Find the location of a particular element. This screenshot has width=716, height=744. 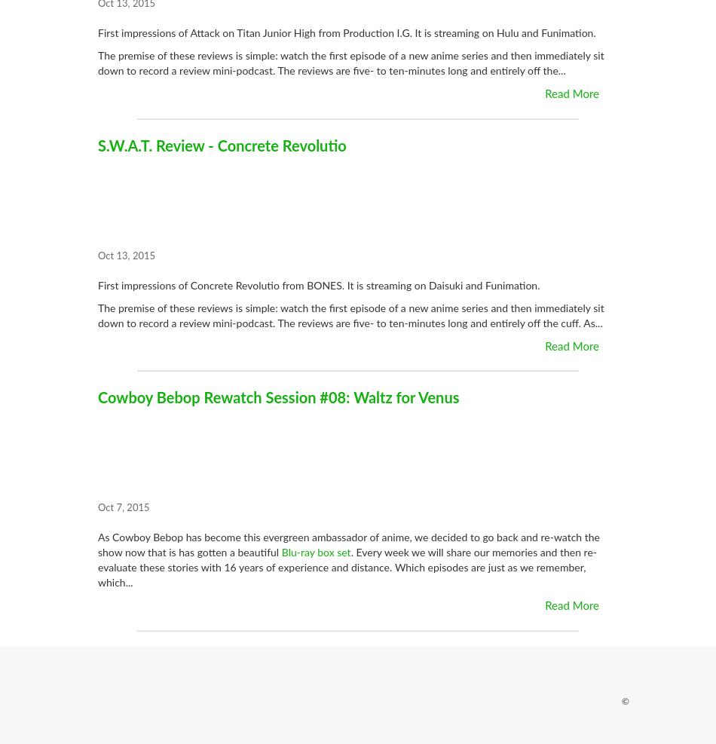

'As Cowboy Bebop has become this evergreen ambassador of
anime, we decided to go back and re-watch the show now that is has
gotten a beautiful' is located at coordinates (97, 544).